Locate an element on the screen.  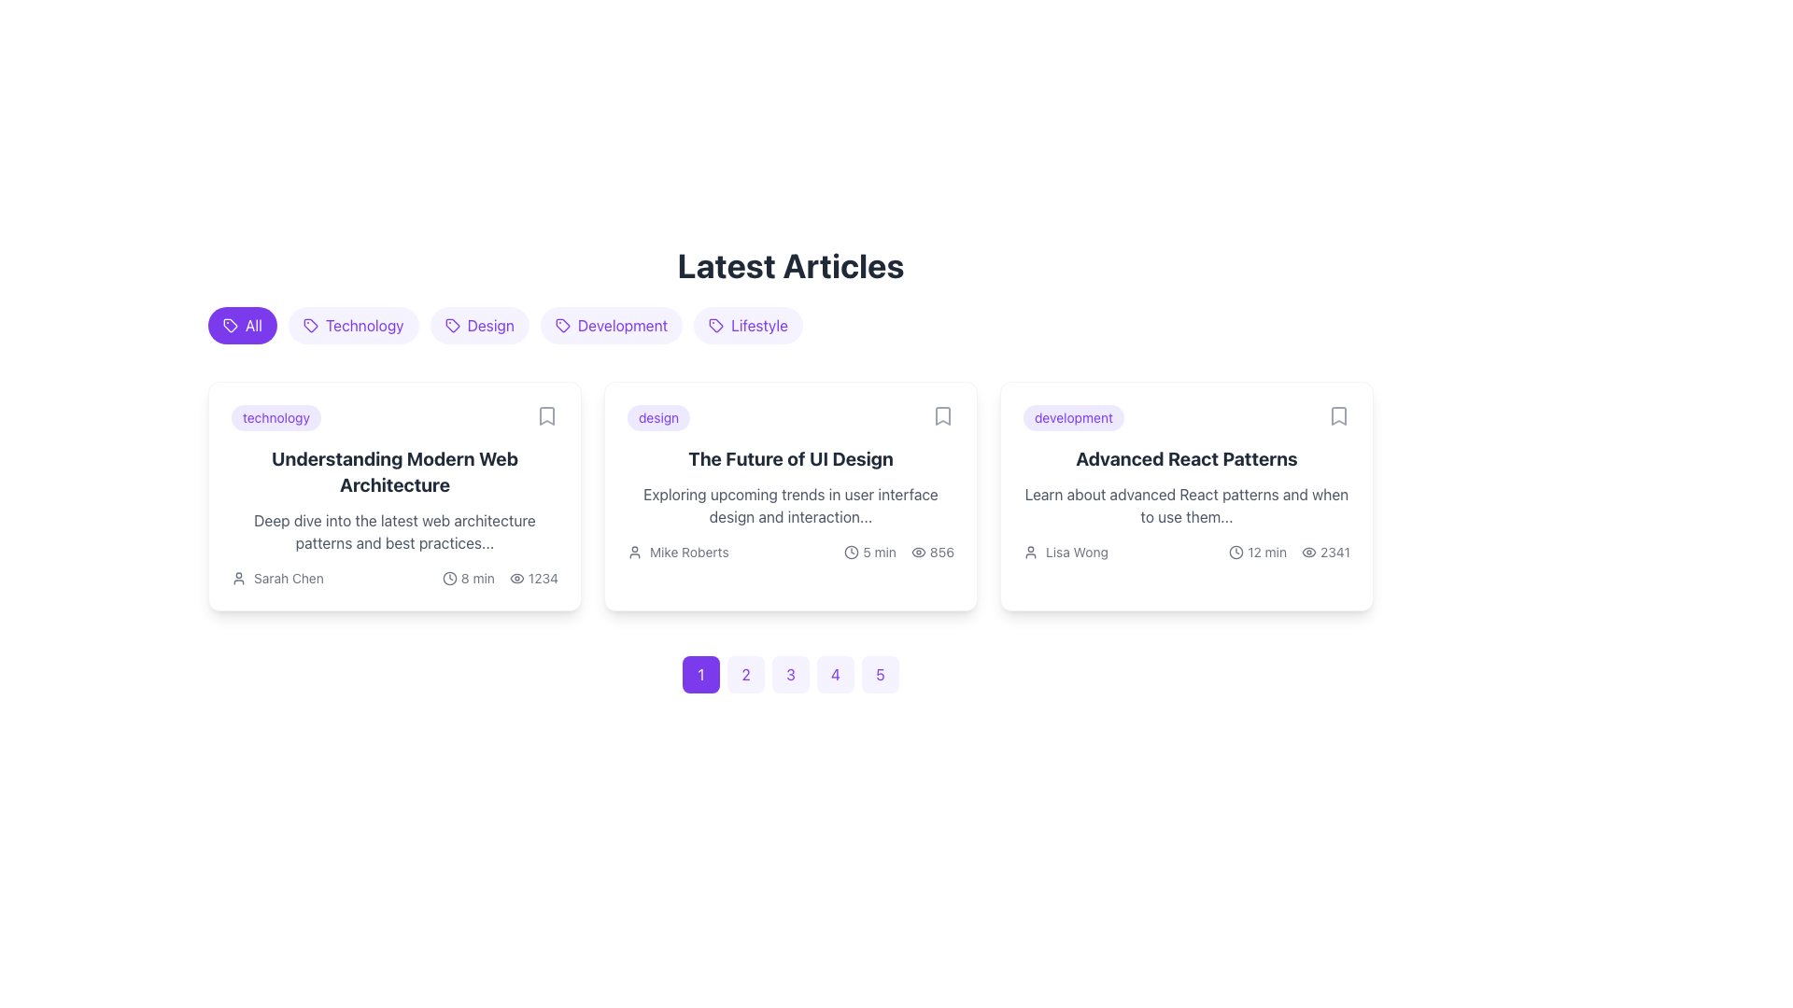
the eye-shaped visibility icon located at the bottom-right corner of the third article card, next to the numeric counter '2341' is located at coordinates (1307, 551).